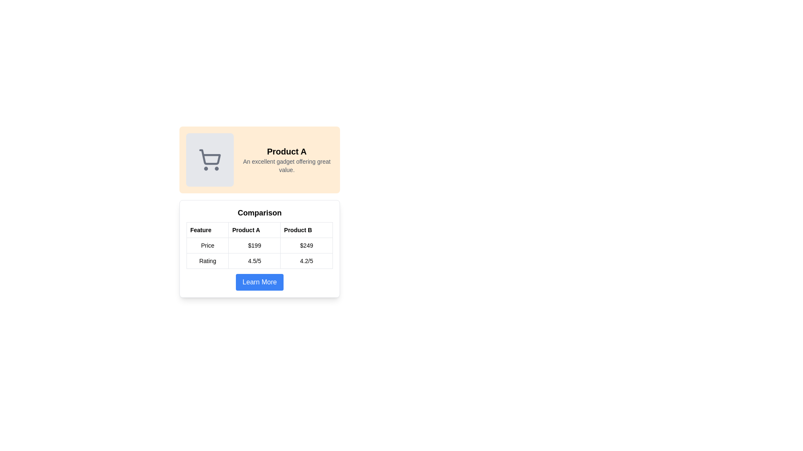 The height and width of the screenshot is (451, 803). What do you see at coordinates (259, 212) in the screenshot?
I see `the bolded text label 'Comparison', which serves as the title for the section containing the comparison table for 'Product A' and 'Product B'` at bounding box center [259, 212].